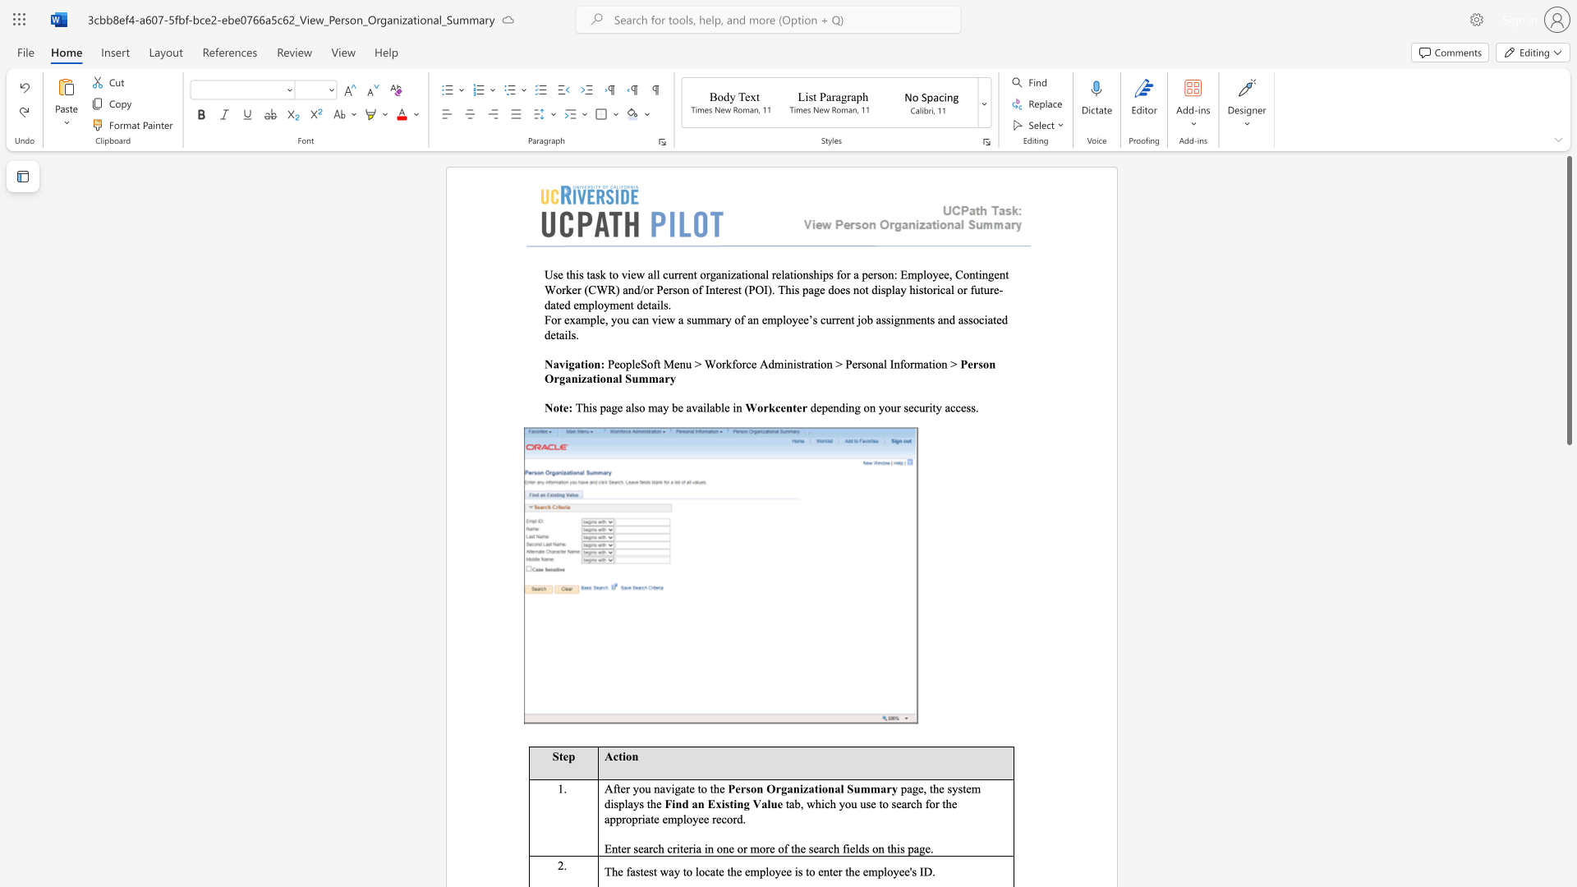  I want to click on the subset text "mmar" within the text "Person Organizational Summary", so click(859, 788).